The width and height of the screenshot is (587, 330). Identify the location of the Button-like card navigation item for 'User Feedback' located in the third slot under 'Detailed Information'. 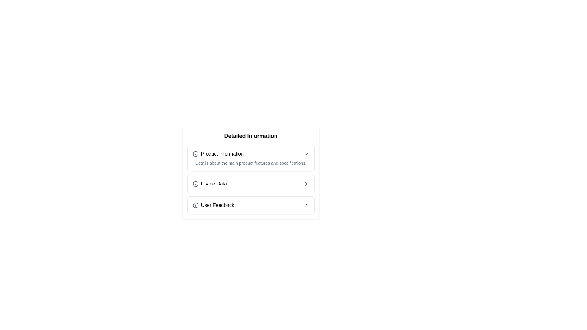
(251, 205).